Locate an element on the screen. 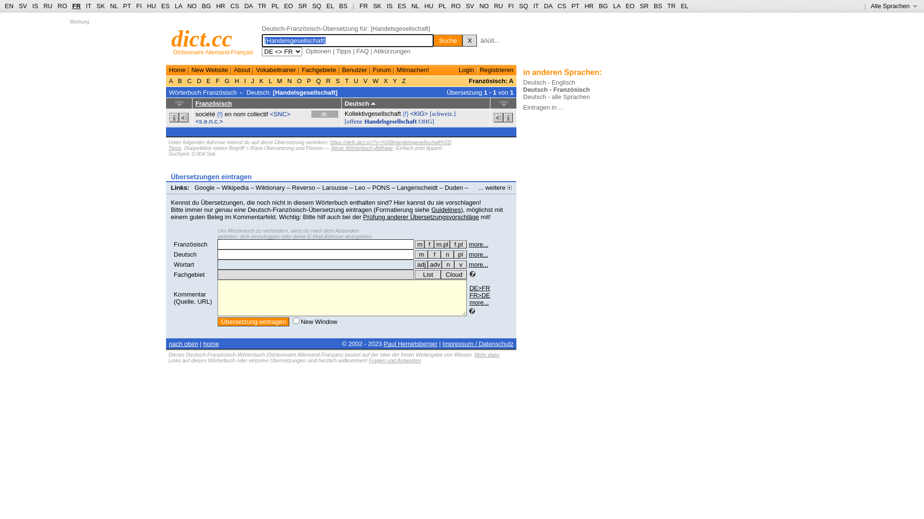  'https://defr.dict.cc/?s=%5BHandelsgesellschaft%5D' is located at coordinates (390, 142).